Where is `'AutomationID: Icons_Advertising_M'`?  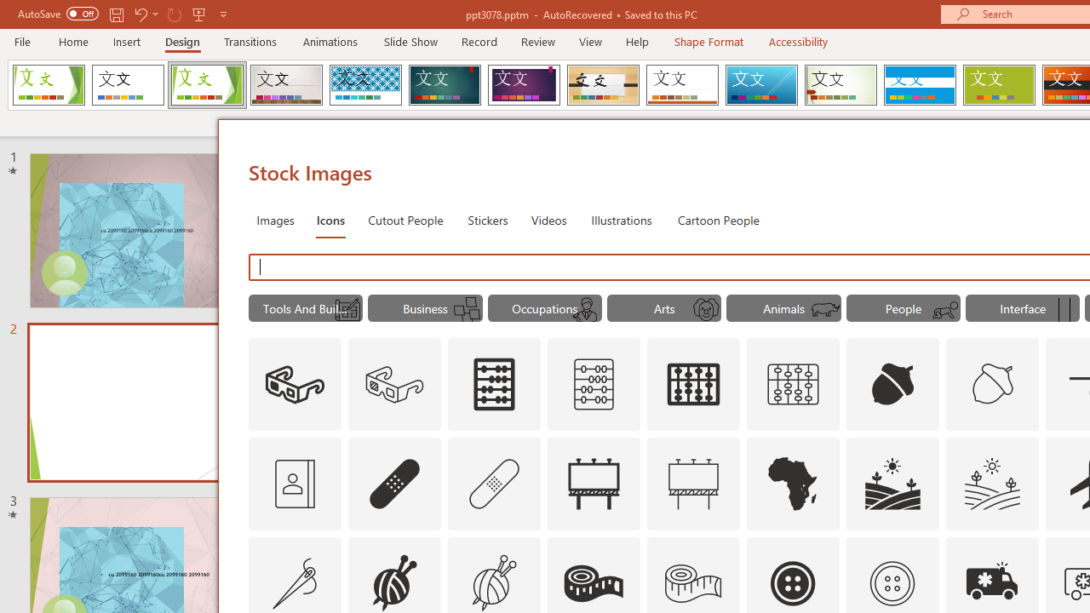 'AutomationID: Icons_Advertising_M' is located at coordinates (694, 484).